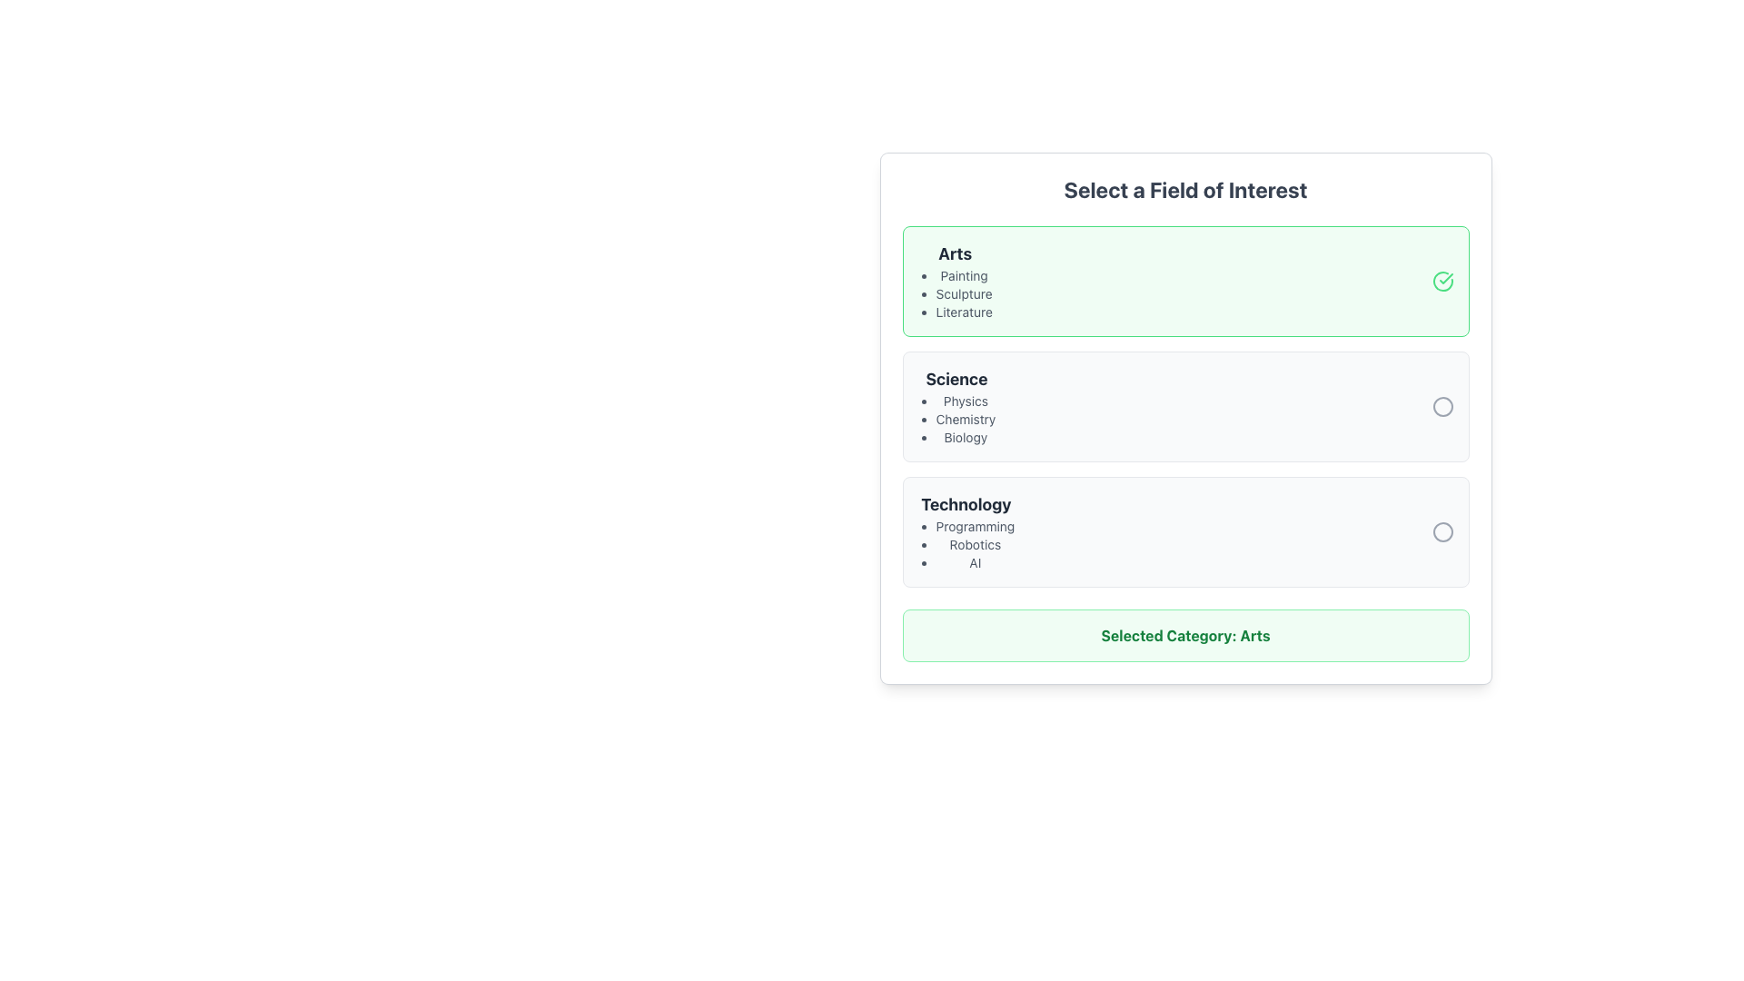 Image resolution: width=1744 pixels, height=981 pixels. I want to click on the circular icon indicator that represents the deselection of the 'Technology' category, located at the end of the row within the 'Technology' field, so click(1442, 531).